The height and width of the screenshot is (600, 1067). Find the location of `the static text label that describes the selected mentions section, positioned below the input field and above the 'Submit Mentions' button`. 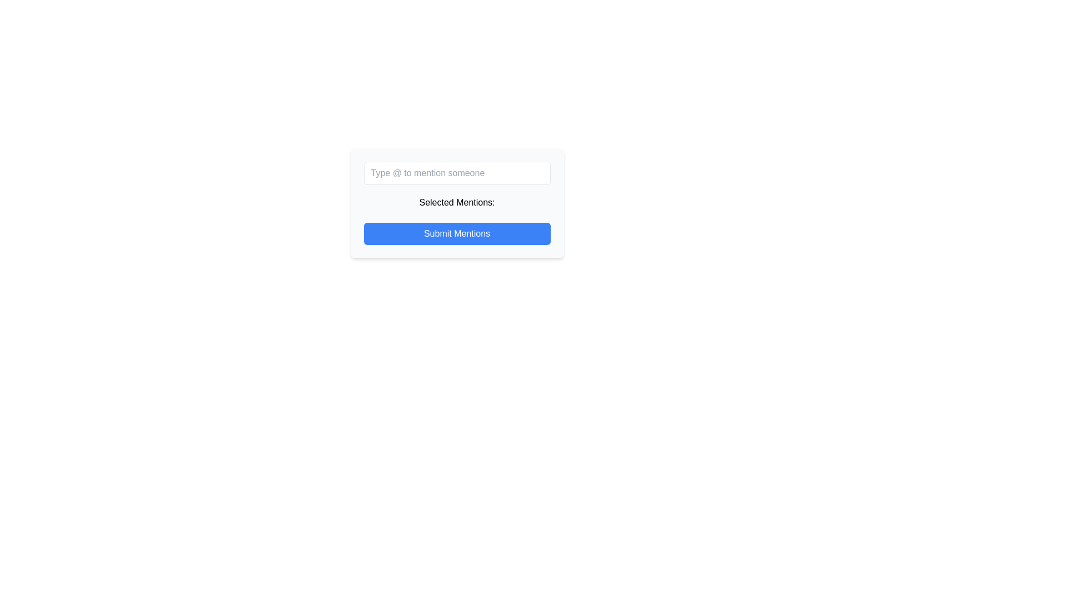

the static text label that describes the selected mentions section, positioned below the input field and above the 'Submit Mentions' button is located at coordinates (457, 203).